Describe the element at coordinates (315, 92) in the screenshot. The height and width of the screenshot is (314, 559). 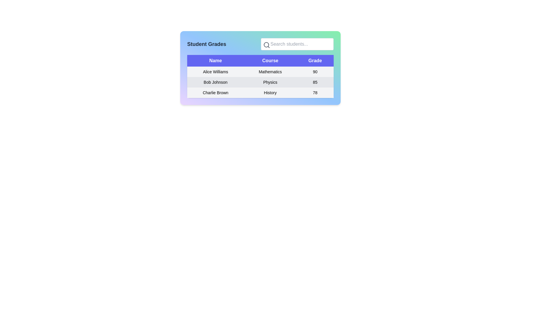
I see `the text displaying the grade '78' for 'Charlie Brown' in the 'History' course, located in the 'Grade' column of the table` at that location.